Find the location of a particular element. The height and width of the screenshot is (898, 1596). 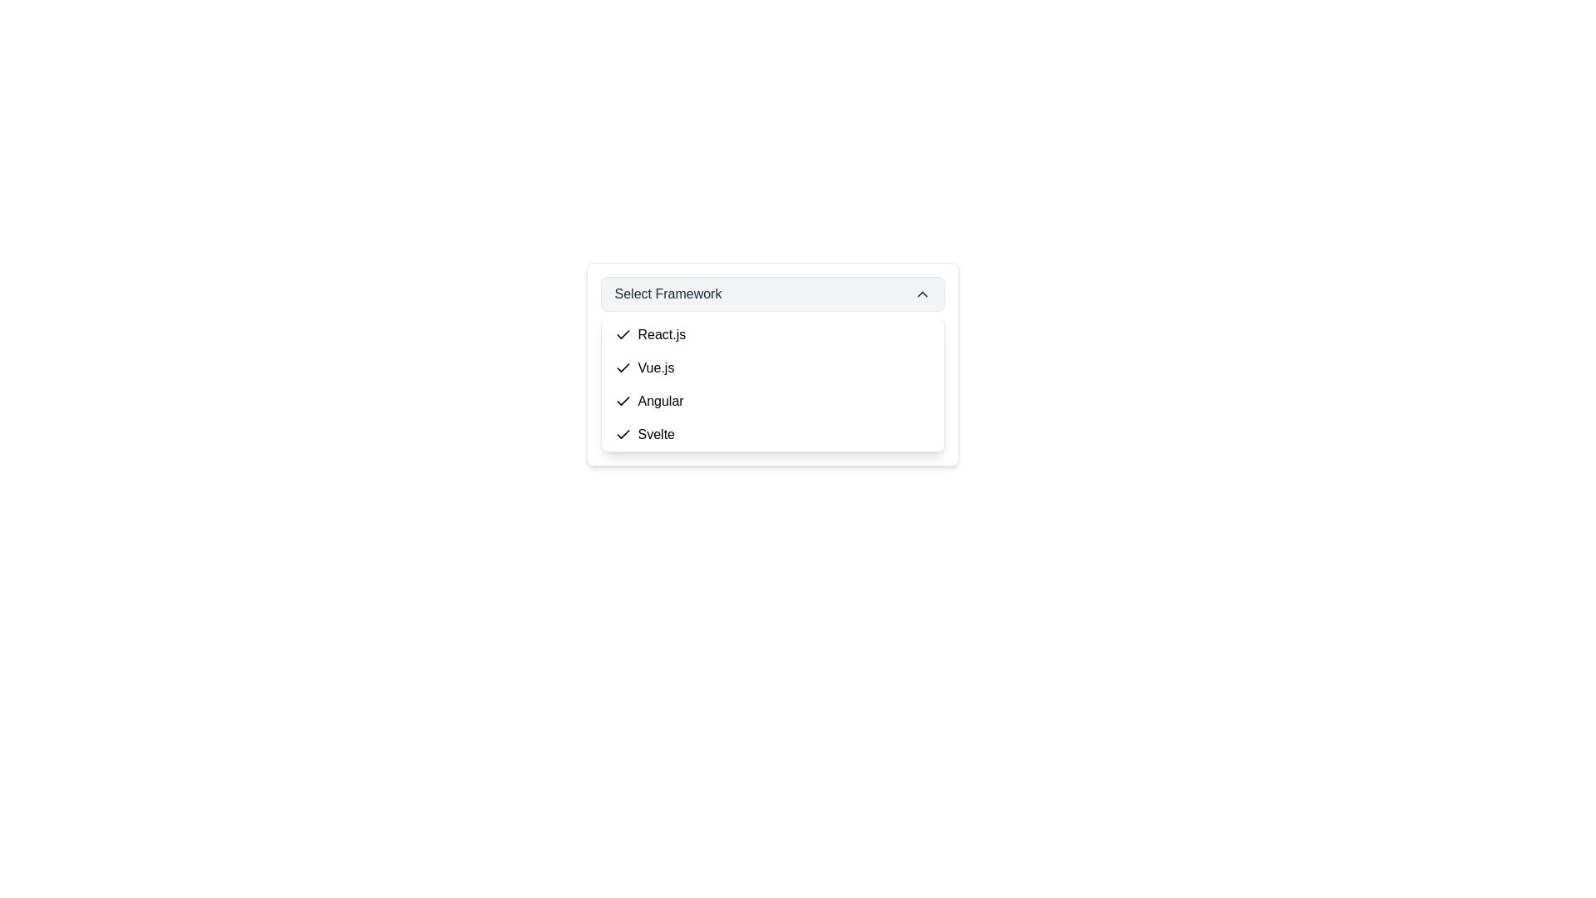

the Vue.js checkmark icon in the dropdown menu that indicates it as a selected option under 'Select Framework' is located at coordinates (622, 368).